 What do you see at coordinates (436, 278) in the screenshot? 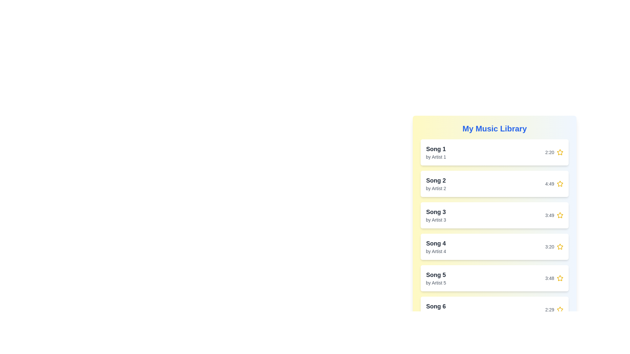
I see `the text block displaying 'Song 5' and 'by Artist 5', which is located in the fifth position of a vertically stacked list card` at bounding box center [436, 278].